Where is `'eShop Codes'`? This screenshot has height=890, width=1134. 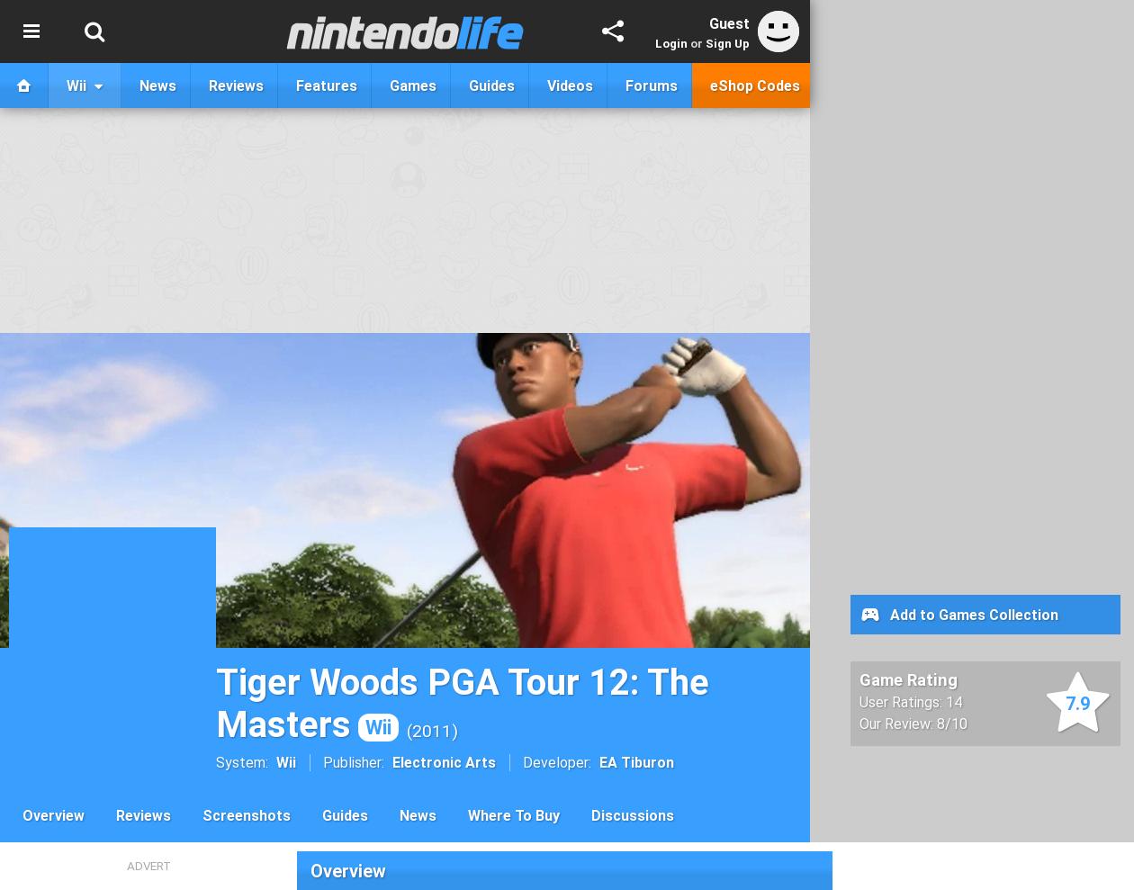 'eShop Codes' is located at coordinates (755, 85).